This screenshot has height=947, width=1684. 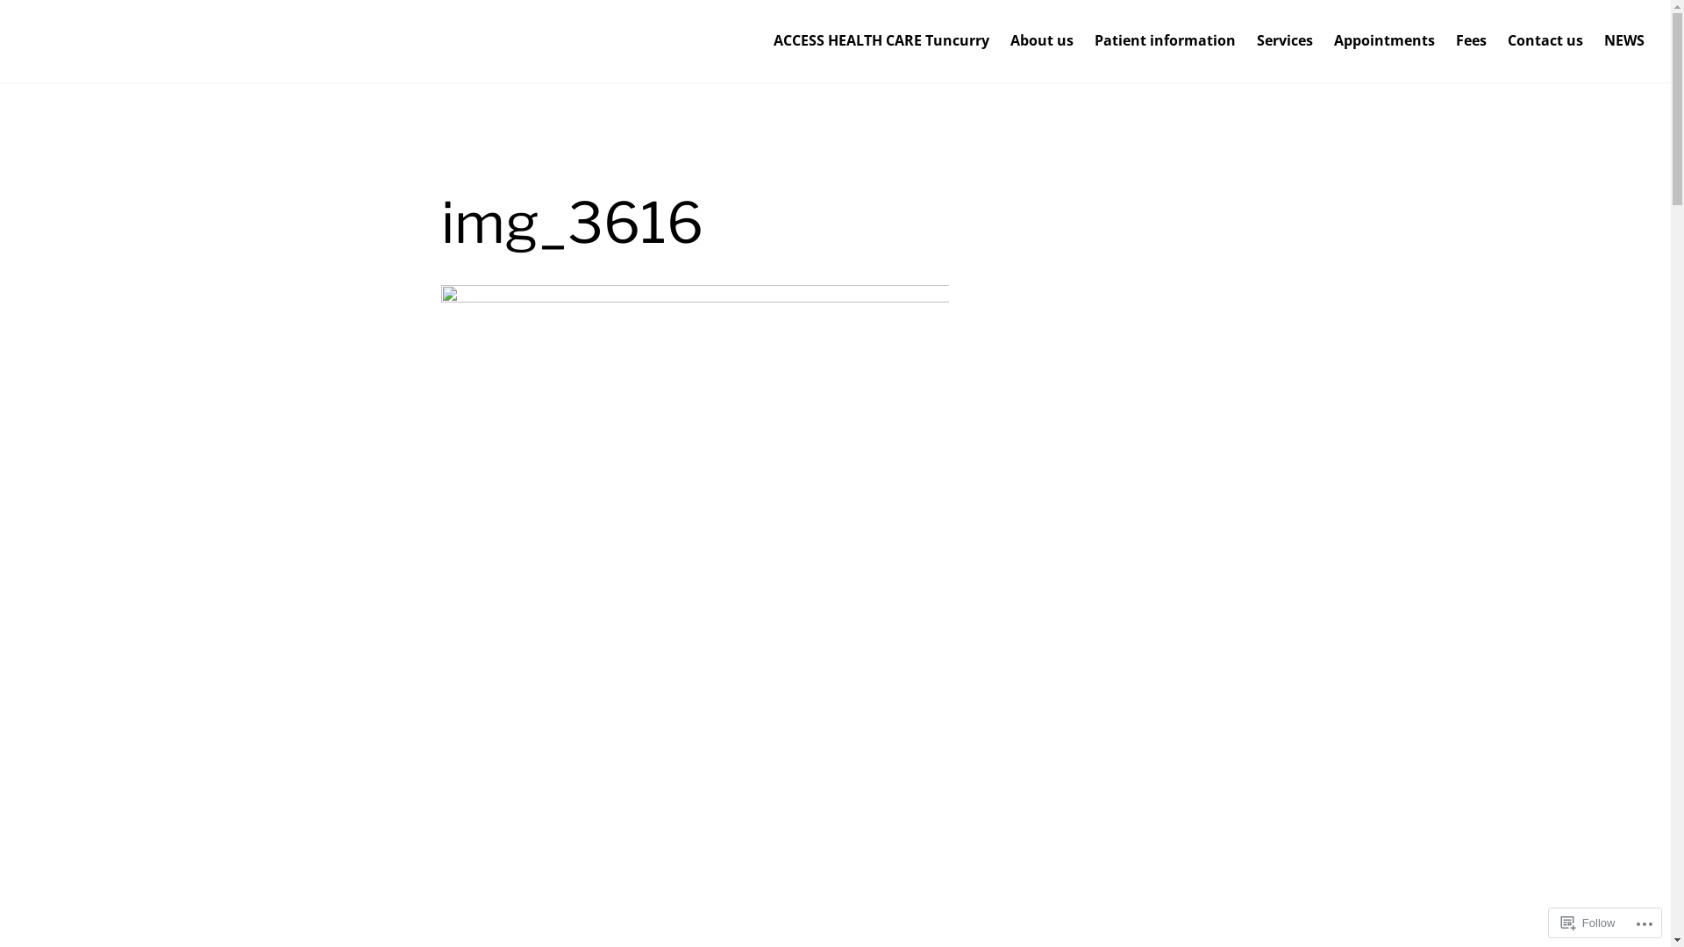 I want to click on 'NEWS', so click(x=1623, y=39).